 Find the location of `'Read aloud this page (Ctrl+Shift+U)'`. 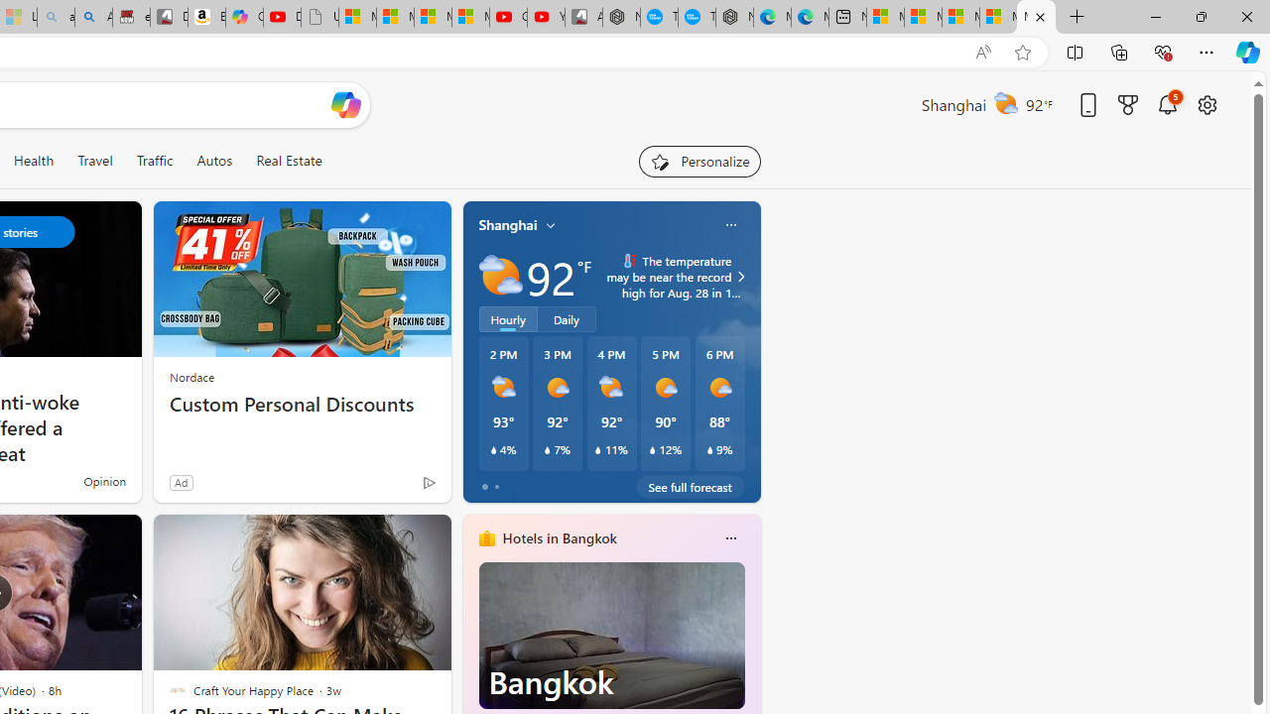

'Read aloud this page (Ctrl+Shift+U)' is located at coordinates (983, 52).